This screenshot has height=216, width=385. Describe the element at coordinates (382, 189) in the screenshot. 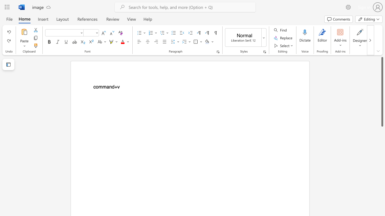

I see `the scrollbar on the right side to scroll the page down` at that location.